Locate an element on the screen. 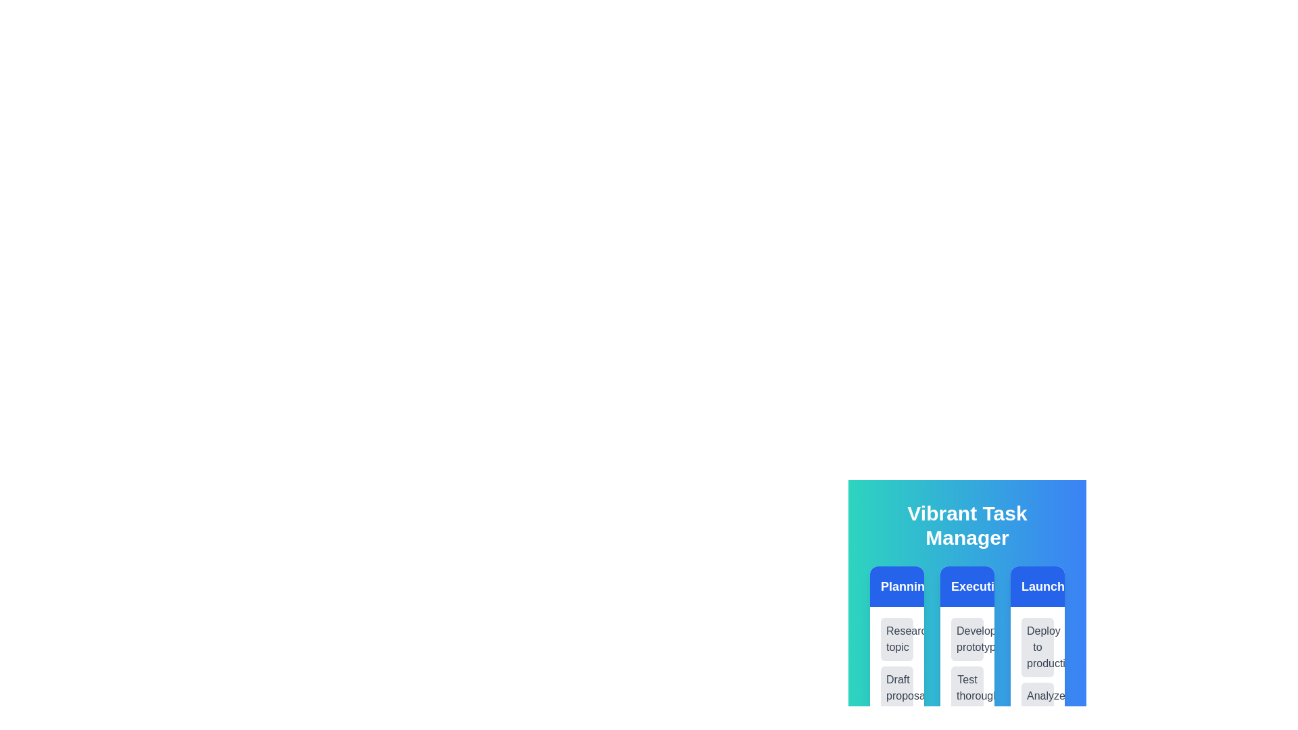 Image resolution: width=1298 pixels, height=730 pixels. the 'Execution' card, which is the middle vertical card labeled 'Execution' in white text on a blue background is located at coordinates (966, 583).